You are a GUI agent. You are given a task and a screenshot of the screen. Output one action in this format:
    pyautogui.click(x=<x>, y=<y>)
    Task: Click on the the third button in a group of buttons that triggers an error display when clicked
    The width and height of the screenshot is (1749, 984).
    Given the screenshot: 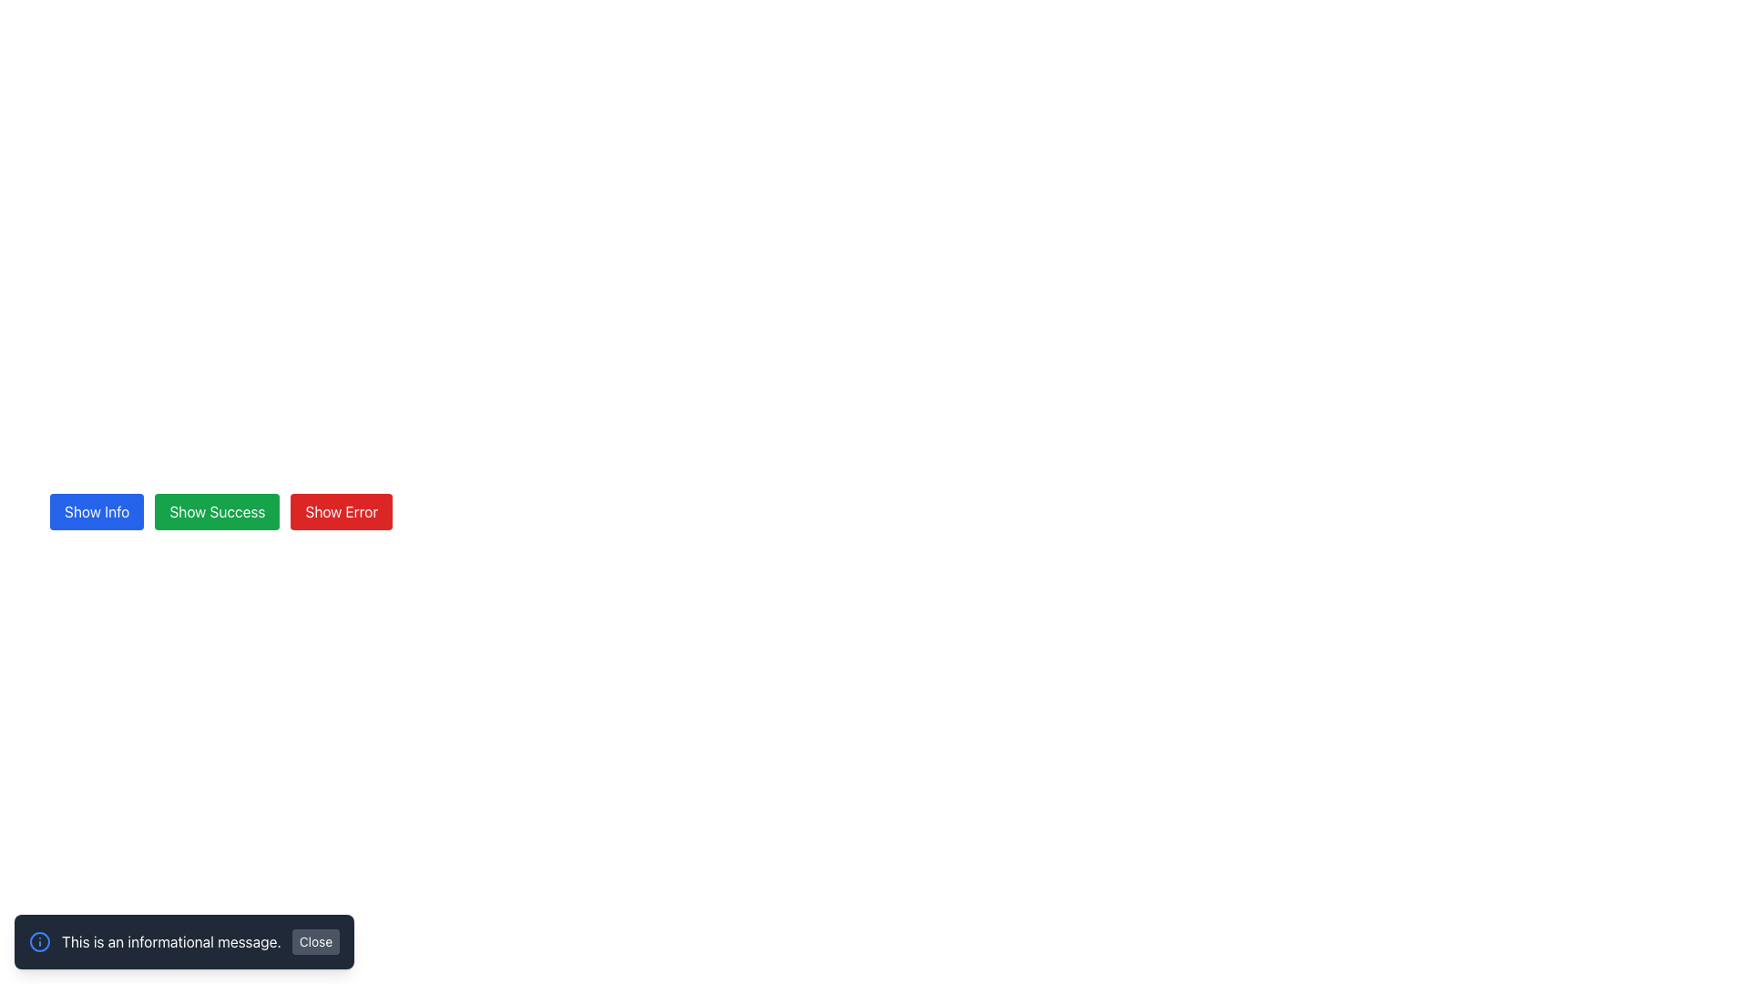 What is the action you would take?
    pyautogui.click(x=342, y=512)
    